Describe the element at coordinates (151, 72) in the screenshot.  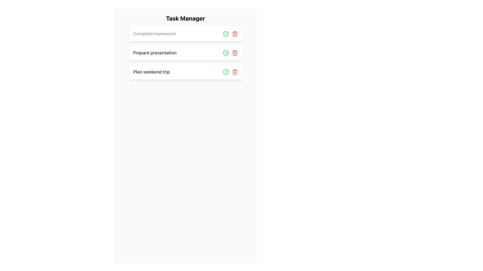
I see `the third text label item in the task management application, which serves as a label for a task, located near the bottom of the list` at that location.